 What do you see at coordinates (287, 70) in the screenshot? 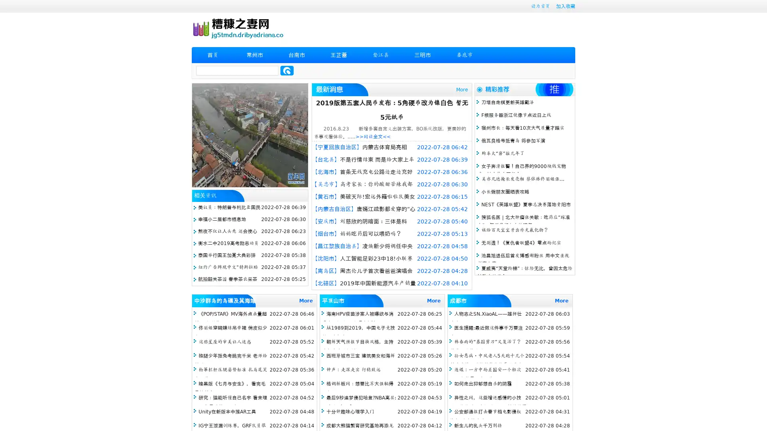
I see `Search` at bounding box center [287, 70].